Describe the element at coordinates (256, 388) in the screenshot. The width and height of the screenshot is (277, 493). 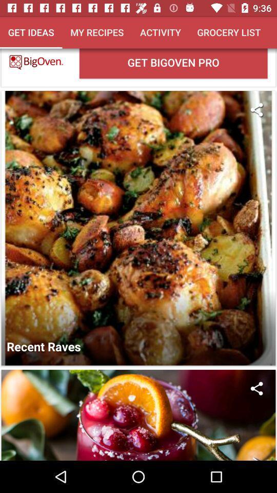
I see `share the the image` at that location.